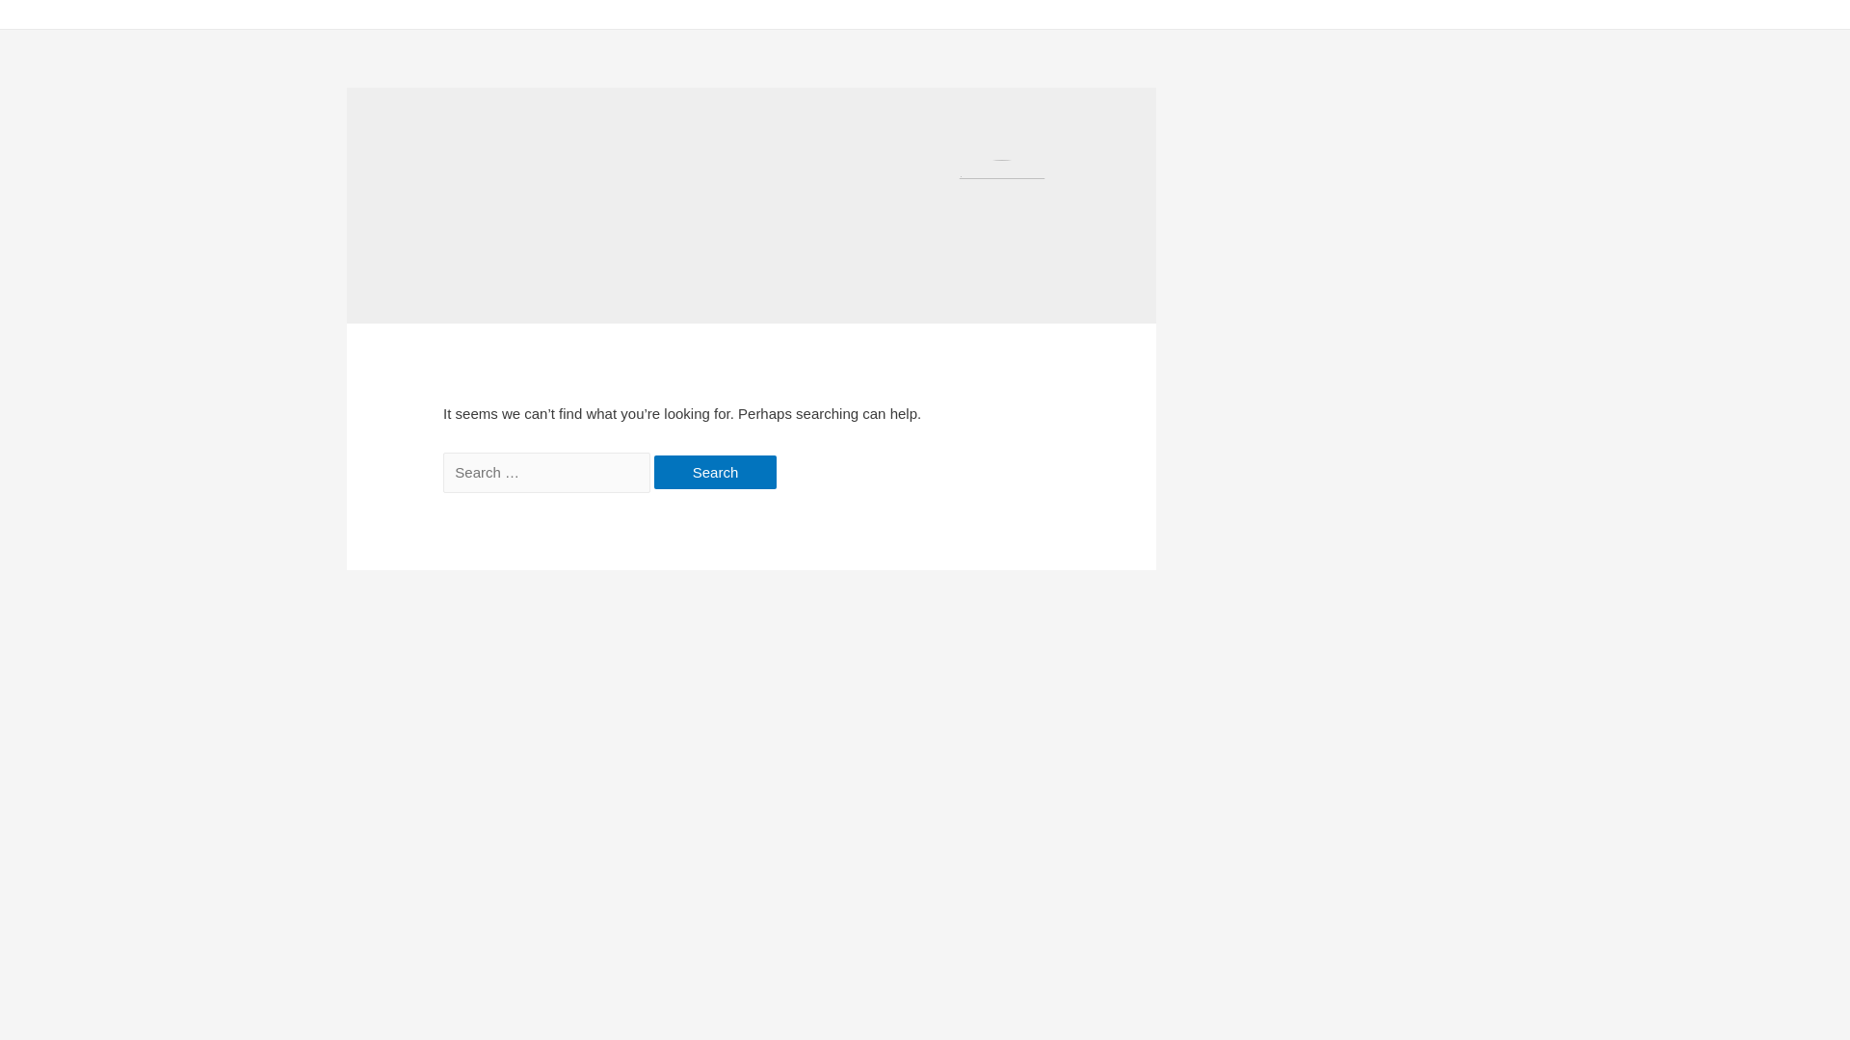 The height and width of the screenshot is (1040, 1850). Describe the element at coordinates (715, 472) in the screenshot. I see `'Search'` at that location.